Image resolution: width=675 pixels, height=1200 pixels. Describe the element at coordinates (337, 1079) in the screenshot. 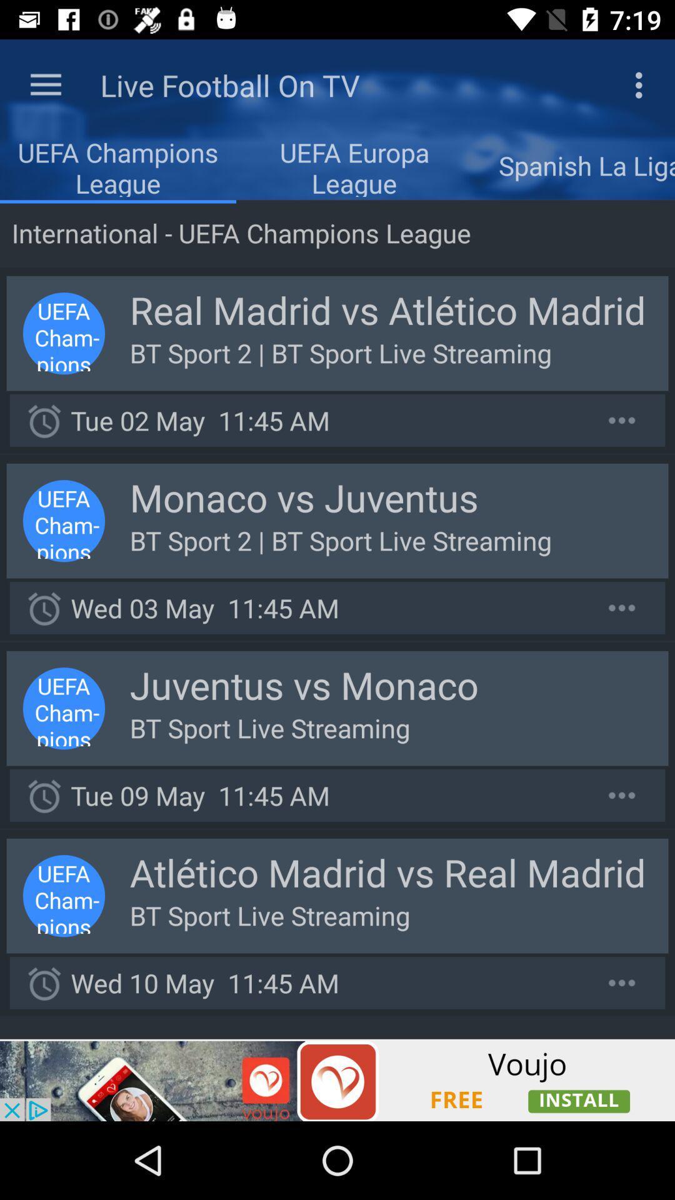

I see `advertising advertisements` at that location.